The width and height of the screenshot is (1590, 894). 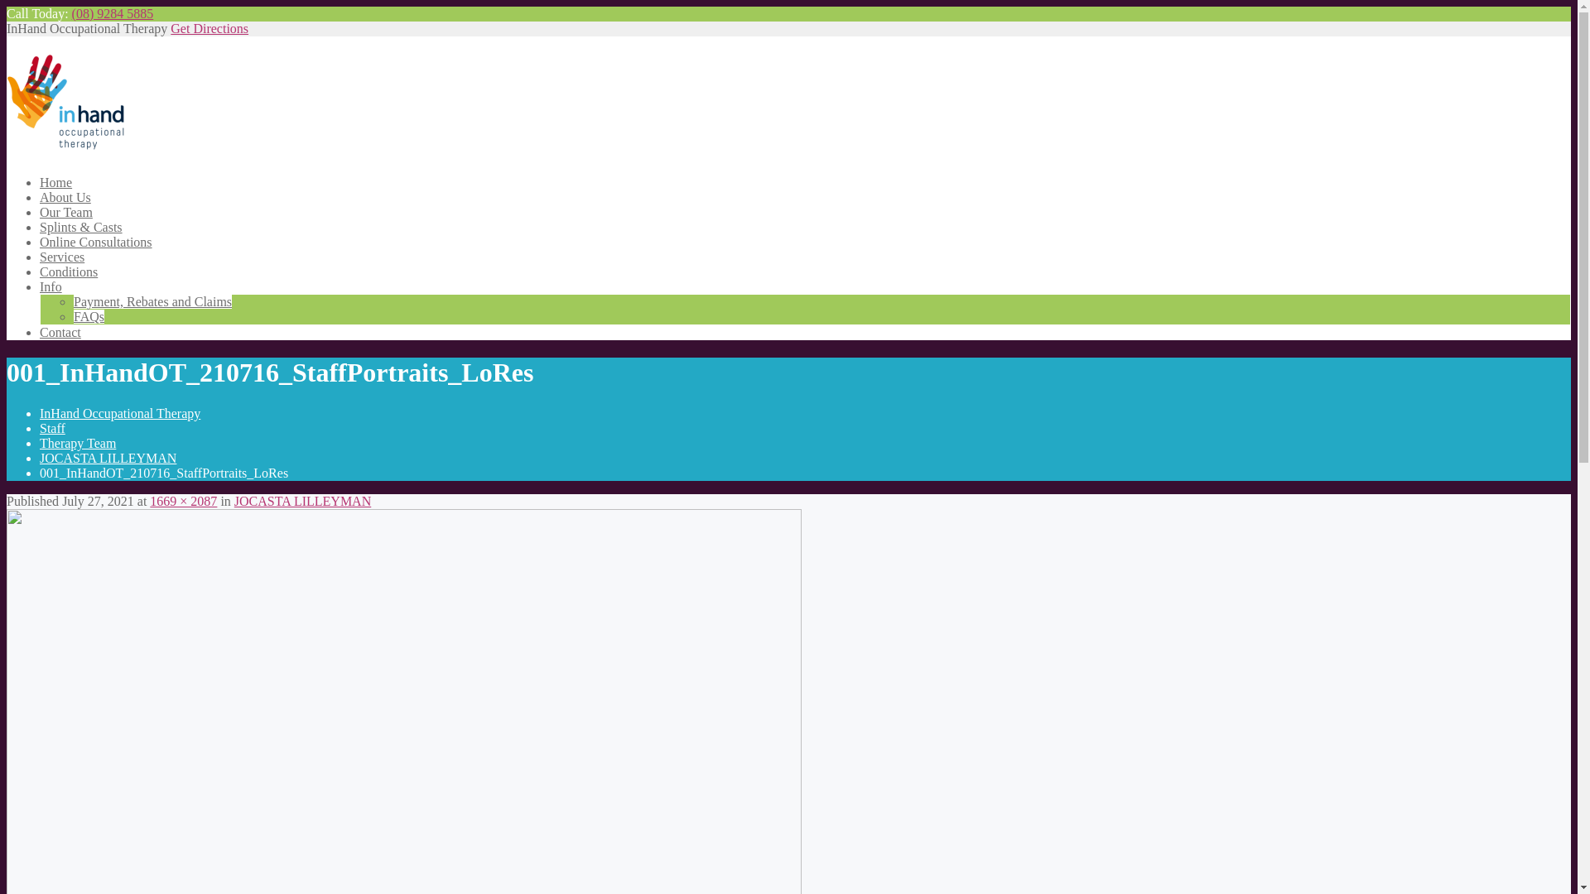 I want to click on 'About Us', so click(x=65, y=196).